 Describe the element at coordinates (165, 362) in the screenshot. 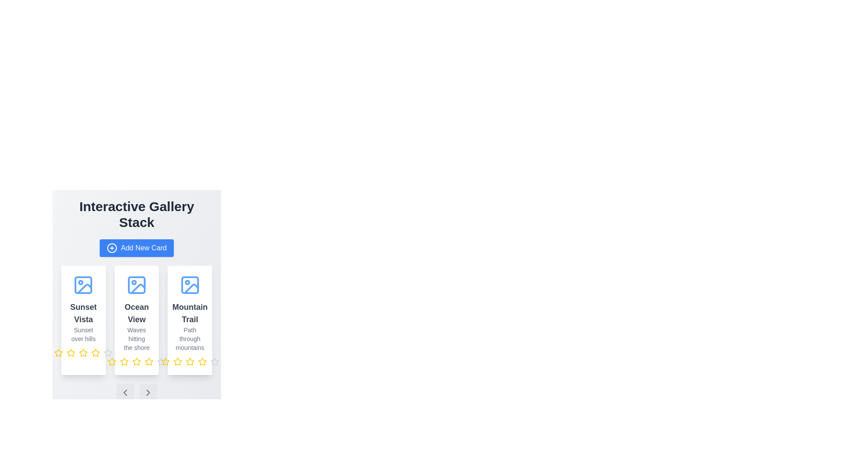

I see `the third yellow outlined star icon` at that location.